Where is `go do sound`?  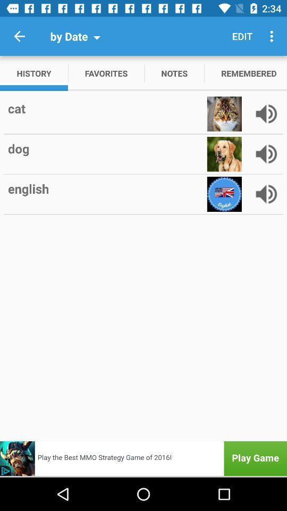 go do sound is located at coordinates (266, 153).